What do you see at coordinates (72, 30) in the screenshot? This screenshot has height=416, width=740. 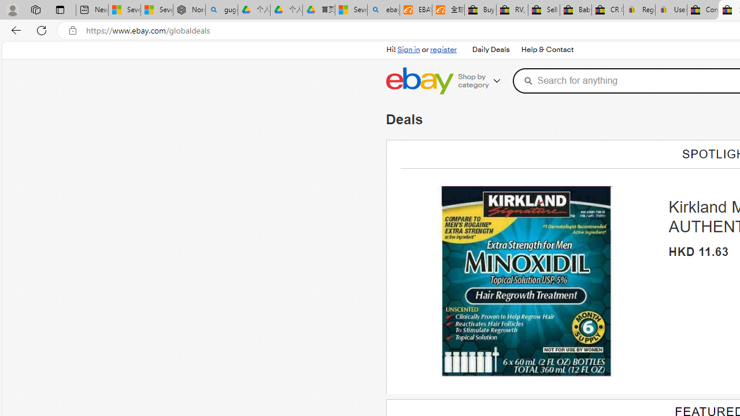 I see `'View site information'` at bounding box center [72, 30].